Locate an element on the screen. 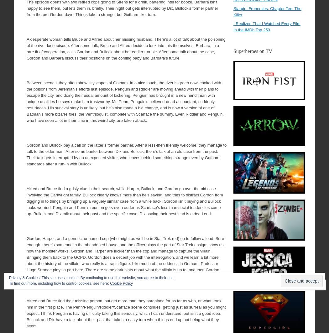  'I Realized That I Watched Every Film In the IMDb Top 250' is located at coordinates (267, 27).